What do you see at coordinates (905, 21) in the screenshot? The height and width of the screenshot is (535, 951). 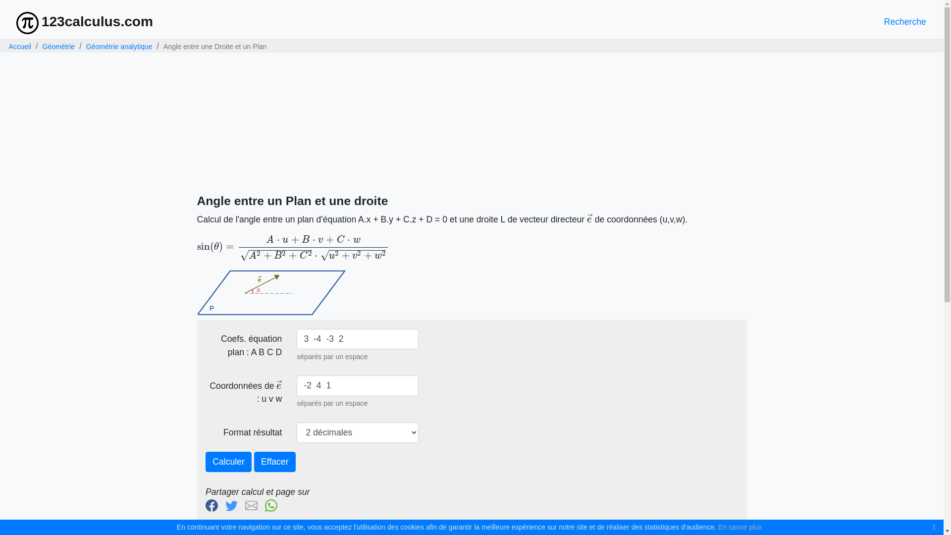 I see `'Recherche'` at bounding box center [905, 21].